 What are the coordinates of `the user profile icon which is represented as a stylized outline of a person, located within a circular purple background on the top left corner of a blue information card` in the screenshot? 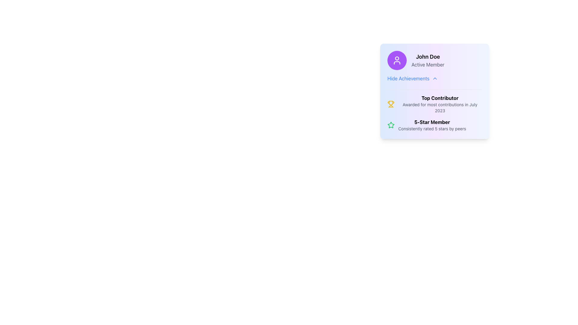 It's located at (397, 60).